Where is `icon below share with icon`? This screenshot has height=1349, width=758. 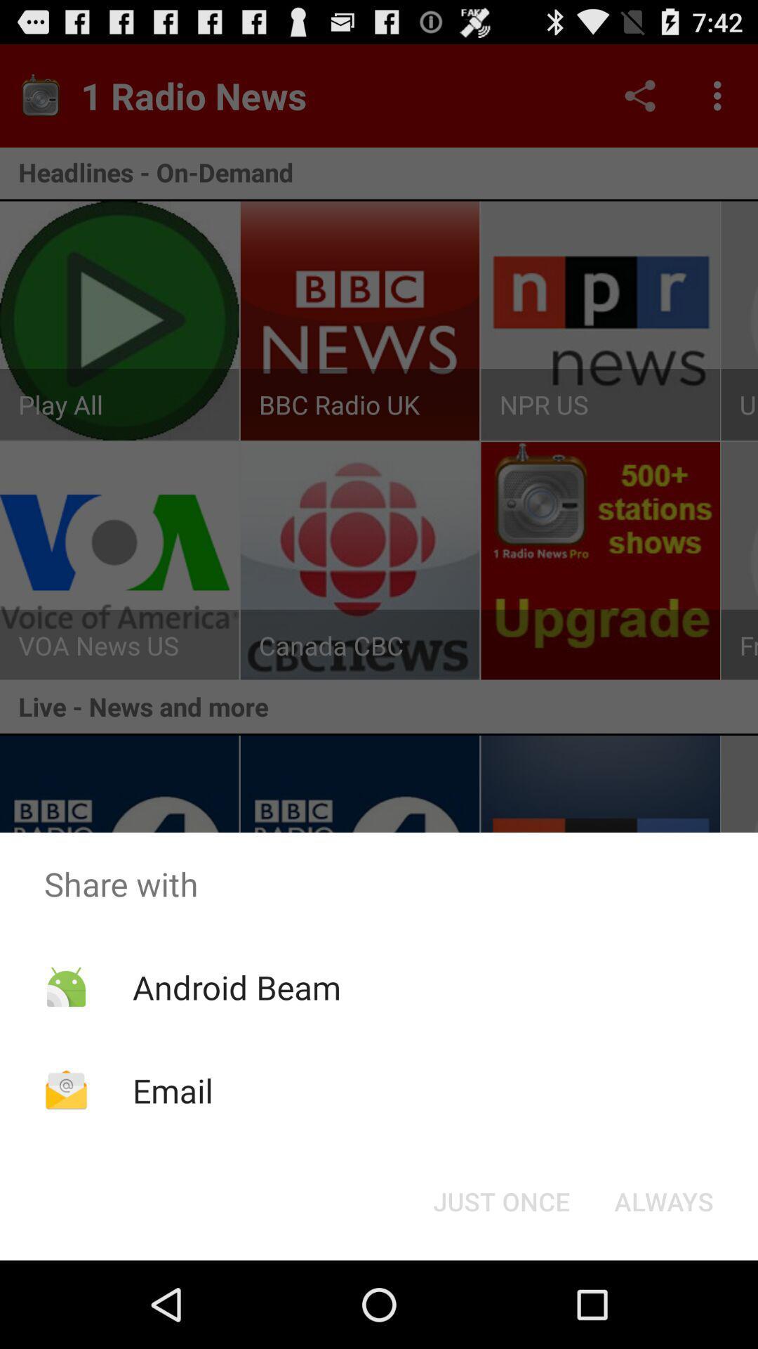 icon below share with icon is located at coordinates (236, 986).